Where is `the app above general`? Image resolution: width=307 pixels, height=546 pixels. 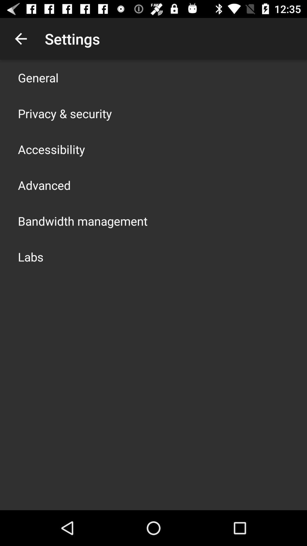 the app above general is located at coordinates (20, 38).